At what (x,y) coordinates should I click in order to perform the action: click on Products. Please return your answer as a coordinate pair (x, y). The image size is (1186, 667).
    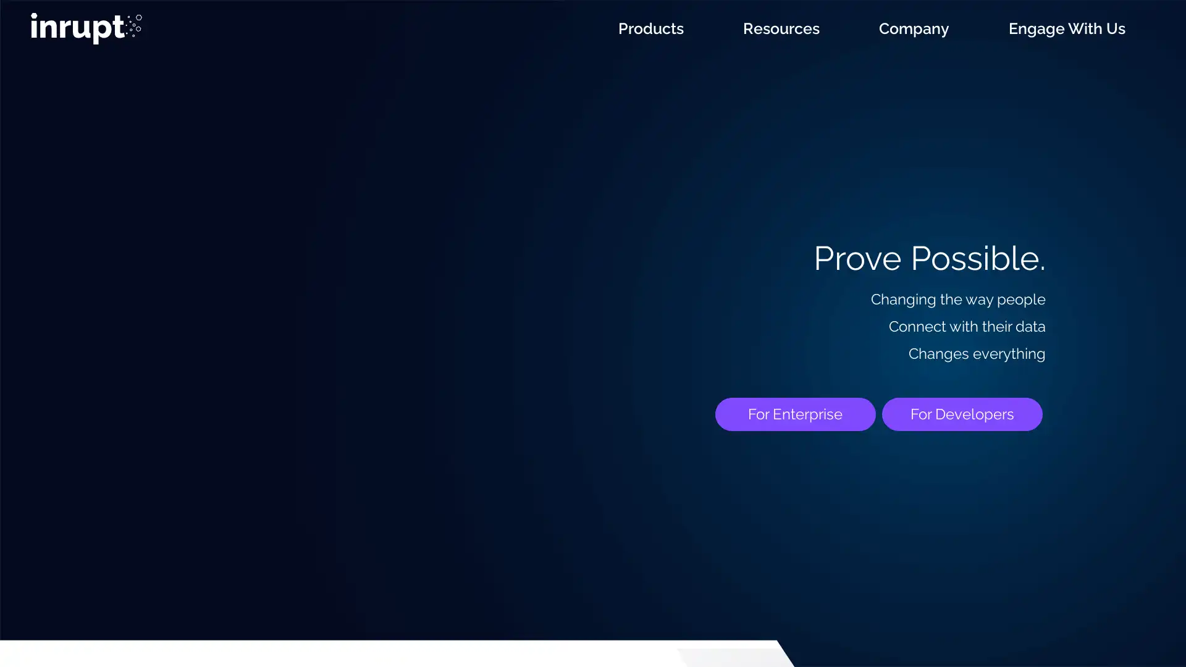
    Looking at the image, I should click on (650, 28).